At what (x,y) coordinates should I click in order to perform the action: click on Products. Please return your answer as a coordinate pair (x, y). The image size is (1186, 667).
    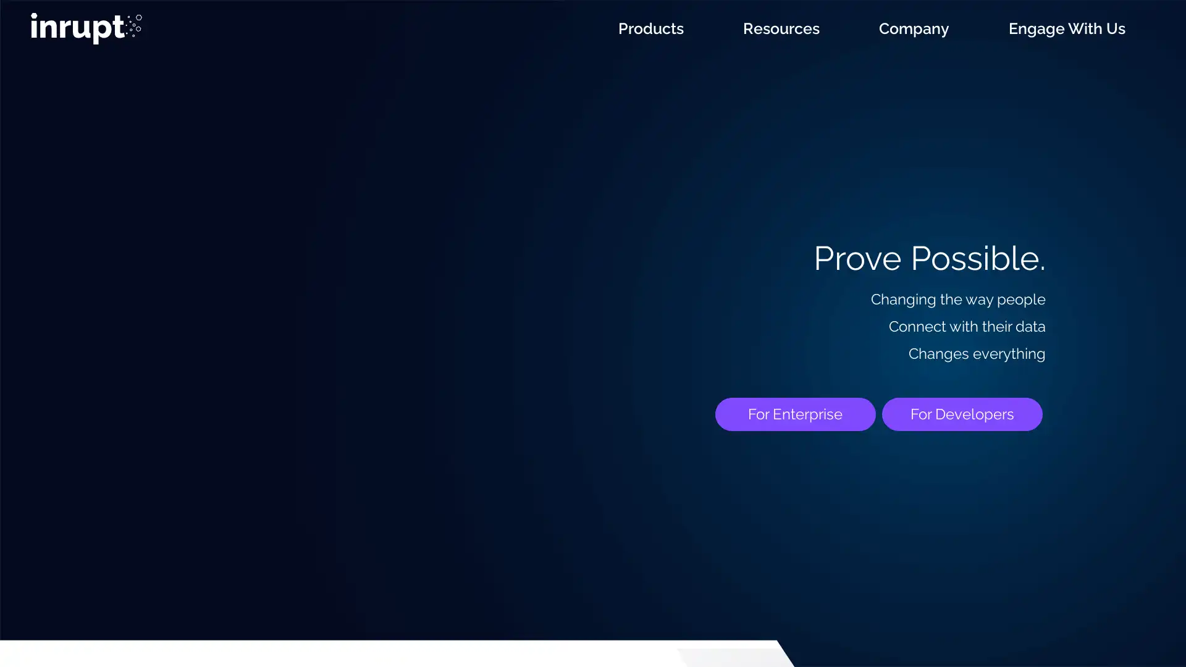
    Looking at the image, I should click on (650, 28).